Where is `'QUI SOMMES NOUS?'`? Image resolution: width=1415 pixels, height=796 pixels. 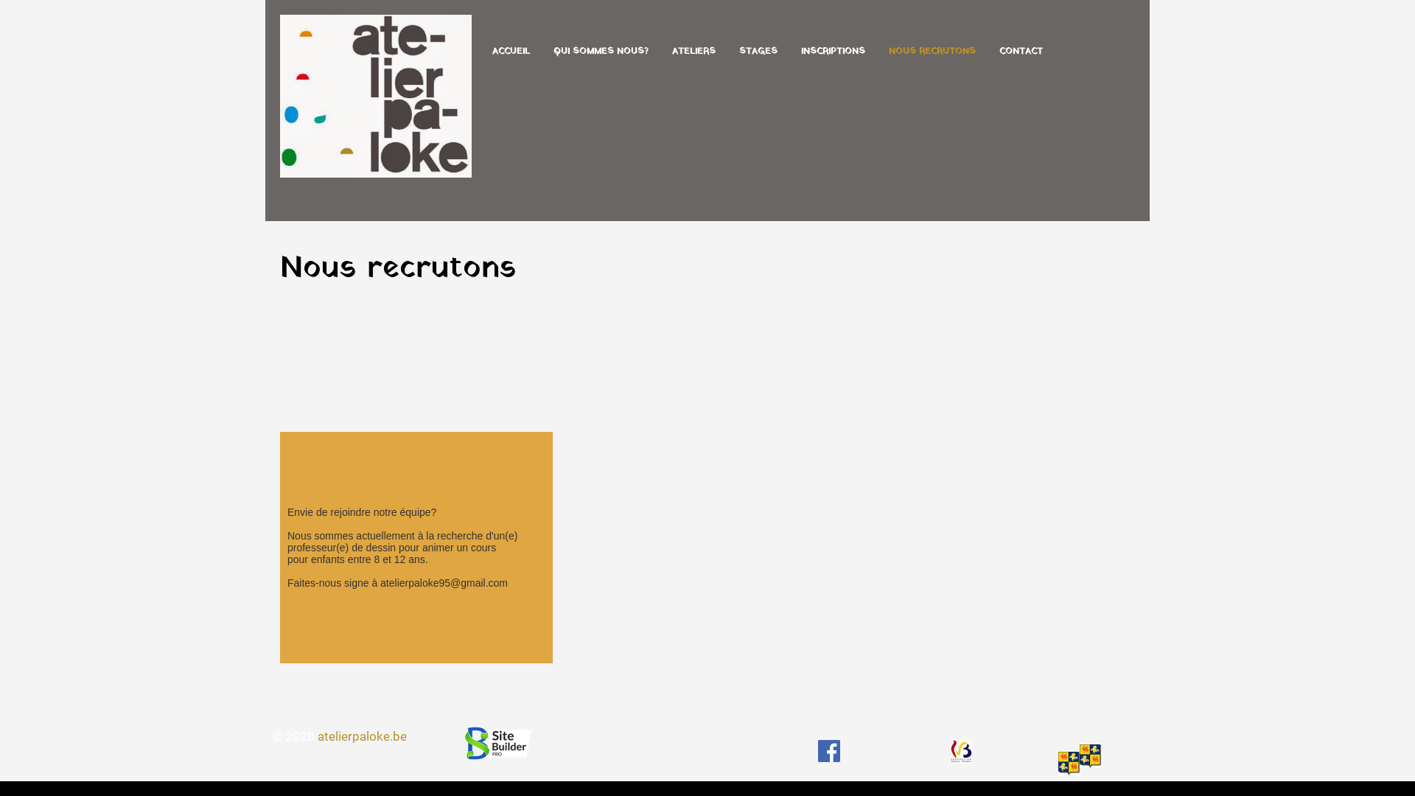 'QUI SOMMES NOUS?' is located at coordinates (601, 52).